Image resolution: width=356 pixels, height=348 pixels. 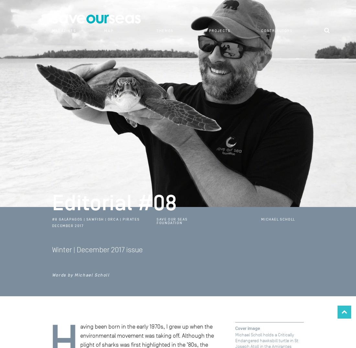 I want to click on 'Map', so click(x=108, y=30).